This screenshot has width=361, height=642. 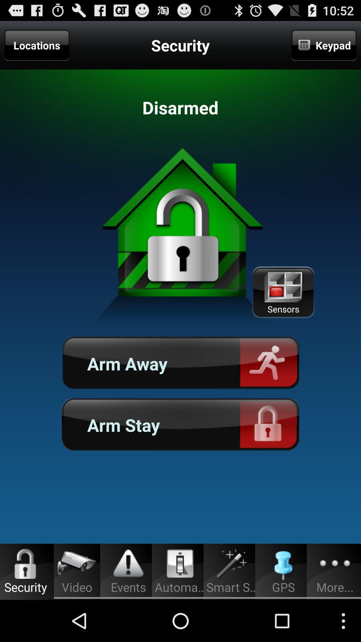 What do you see at coordinates (37, 45) in the screenshot?
I see `the icon at the top left corner` at bounding box center [37, 45].